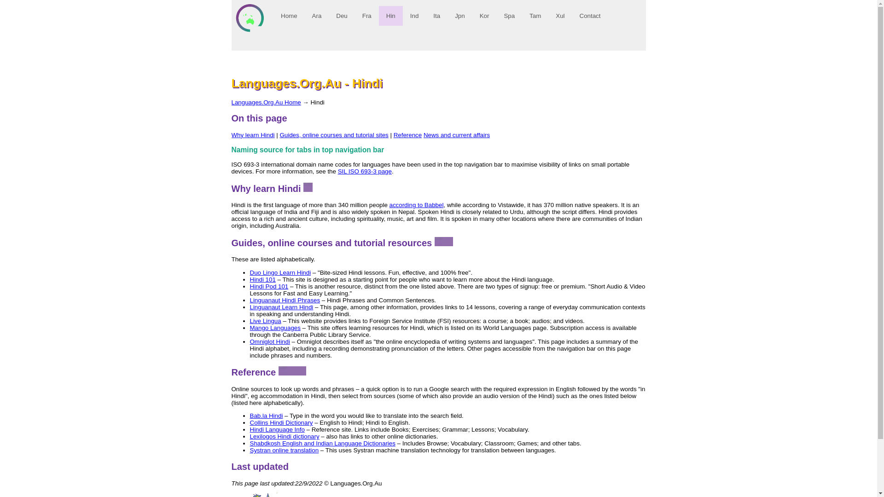 The height and width of the screenshot is (497, 884). Describe the element at coordinates (265, 102) in the screenshot. I see `'Languages.Org.Au Home'` at that location.